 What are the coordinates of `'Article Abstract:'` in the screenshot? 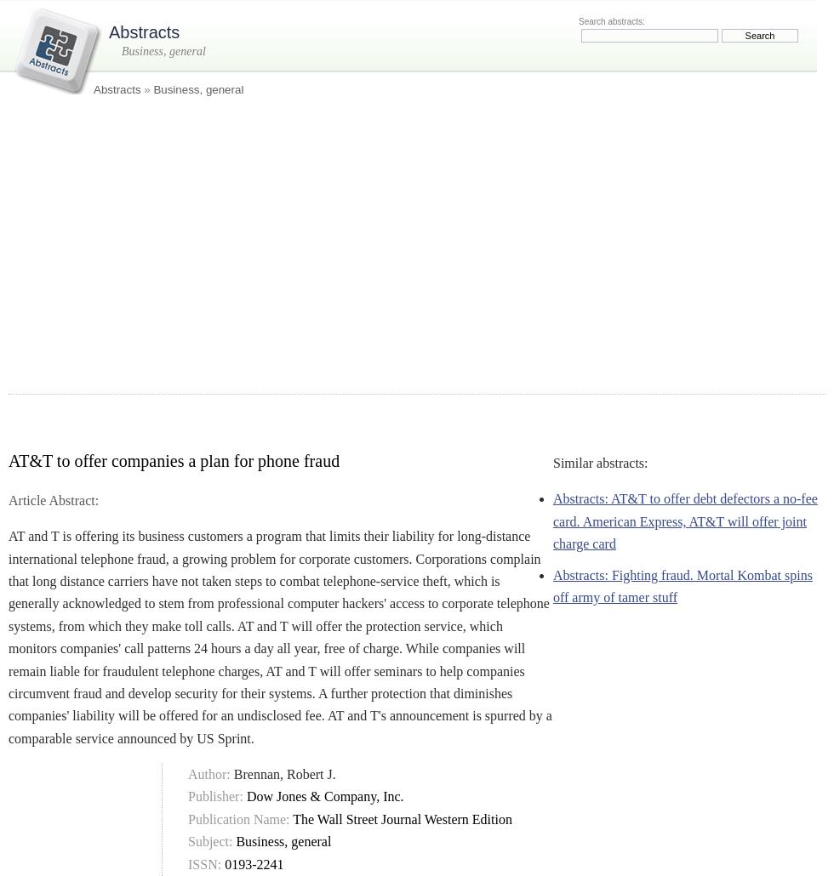 It's located at (53, 499).